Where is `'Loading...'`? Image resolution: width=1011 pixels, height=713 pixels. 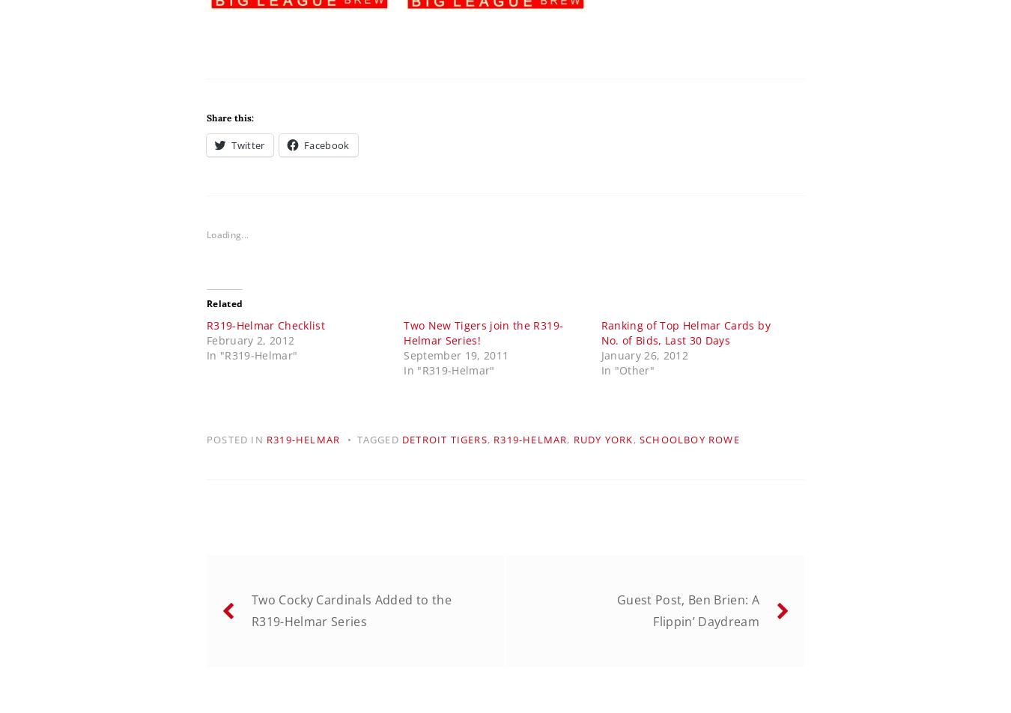 'Loading...' is located at coordinates (227, 234).